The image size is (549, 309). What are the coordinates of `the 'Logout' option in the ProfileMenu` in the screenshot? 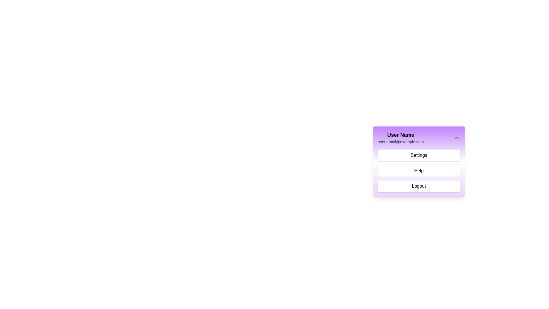 It's located at (419, 186).